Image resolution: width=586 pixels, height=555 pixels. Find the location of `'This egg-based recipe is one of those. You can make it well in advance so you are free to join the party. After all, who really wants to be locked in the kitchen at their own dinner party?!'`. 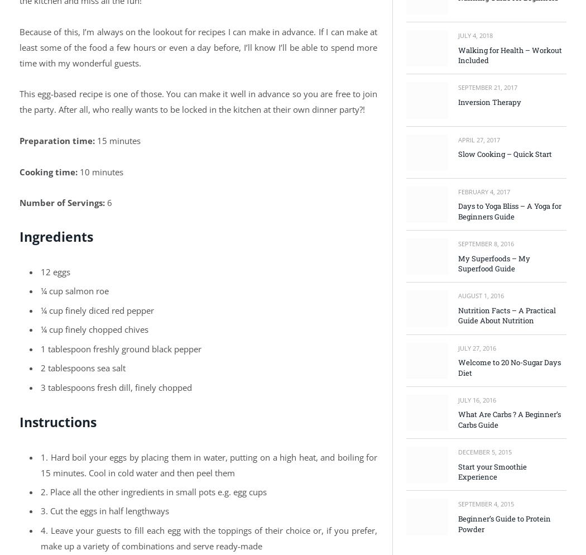

'This egg-based recipe is one of those. You can make it well in advance so you are free to join the party. After all, who really wants to be locked in the kitchen at their own dinner party?!' is located at coordinates (198, 101).